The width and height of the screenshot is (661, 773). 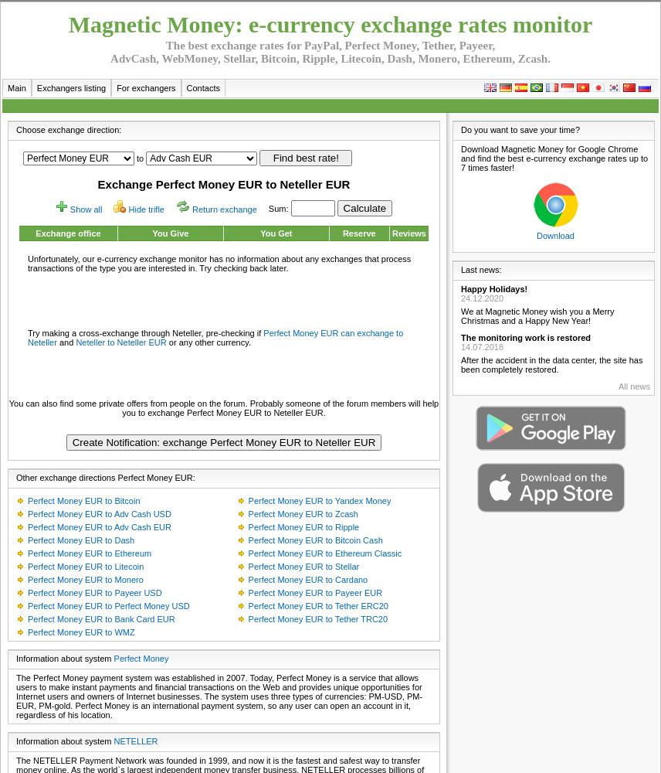 What do you see at coordinates (145, 209) in the screenshot?
I see `'Hide trifle'` at bounding box center [145, 209].